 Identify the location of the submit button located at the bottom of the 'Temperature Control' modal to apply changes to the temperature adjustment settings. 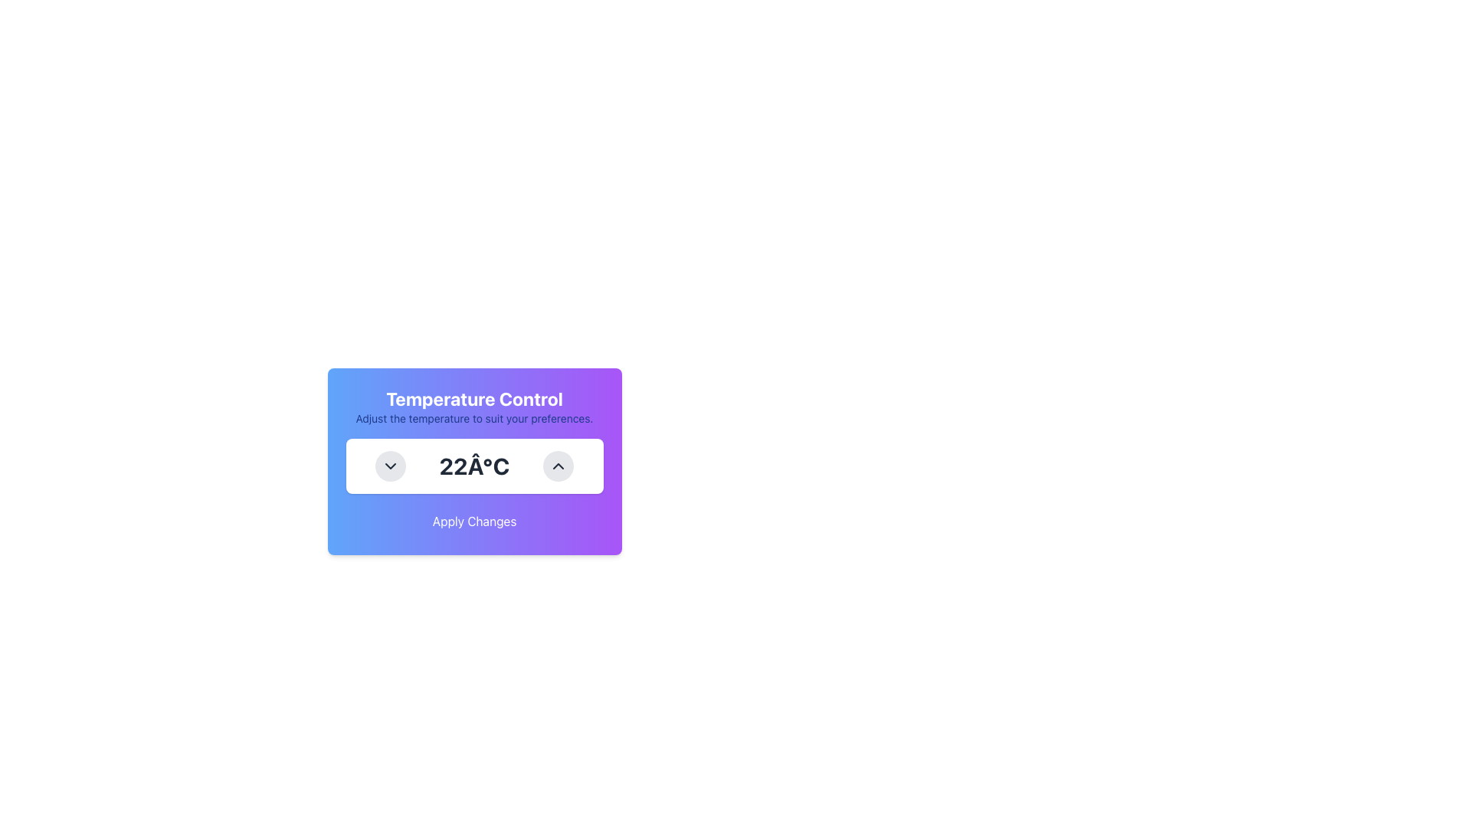
(473, 521).